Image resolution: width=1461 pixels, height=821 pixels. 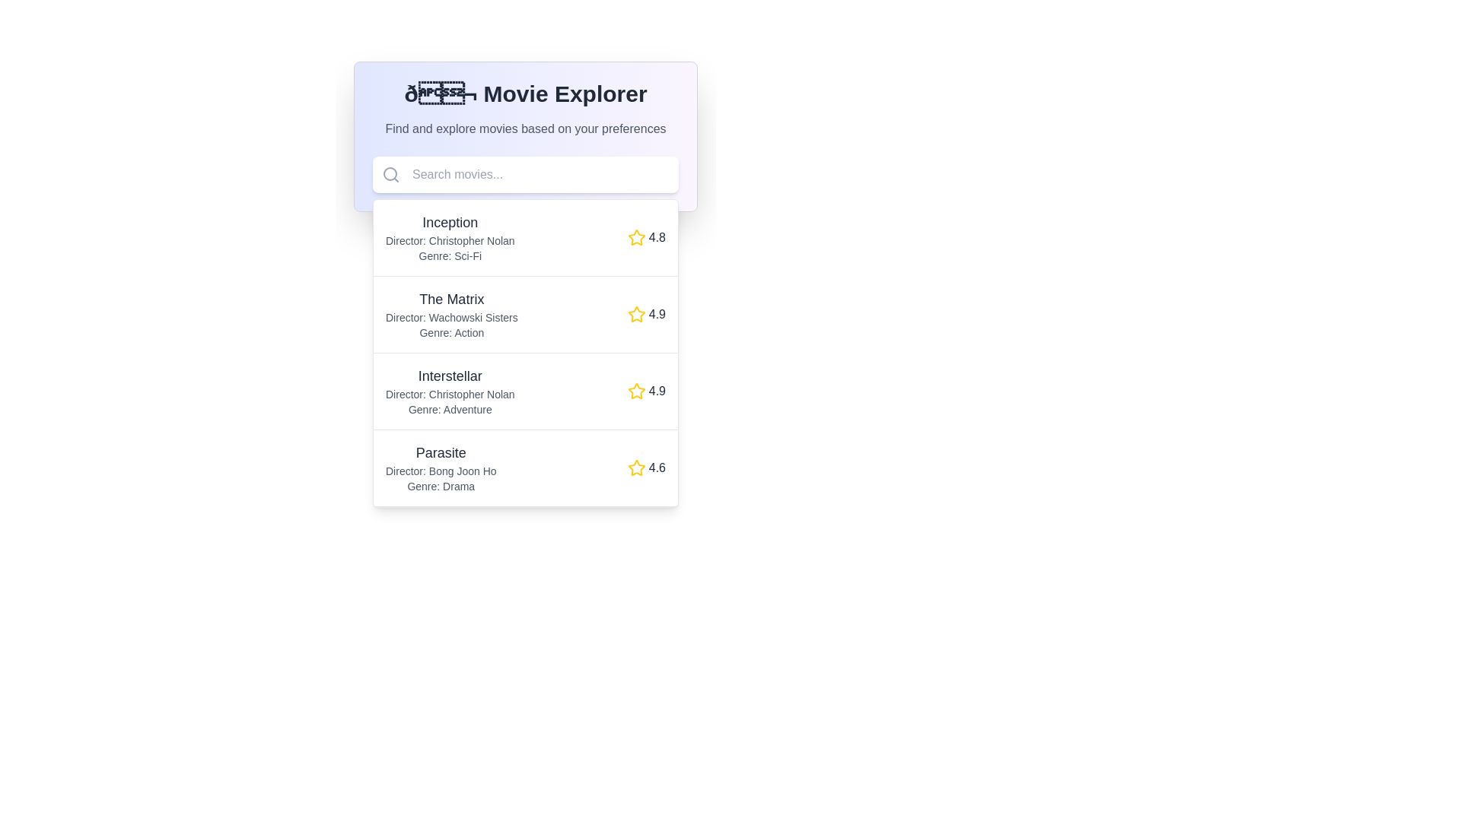 I want to click on the text label displaying the rating '4.8' next to the yellow star icon in the 'Inception' row of the movie list, so click(x=657, y=237).